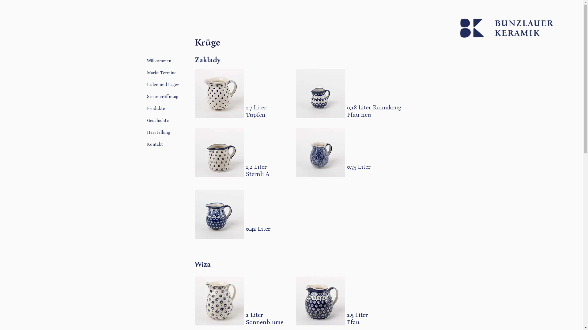 This screenshot has height=330, width=588. I want to click on 'Produkte', so click(179, 108).